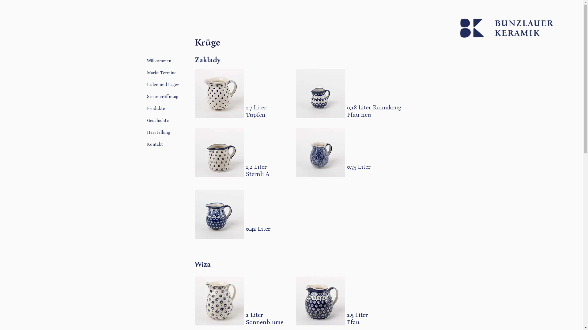 This screenshot has height=330, width=588. I want to click on 'Produkte', so click(179, 108).